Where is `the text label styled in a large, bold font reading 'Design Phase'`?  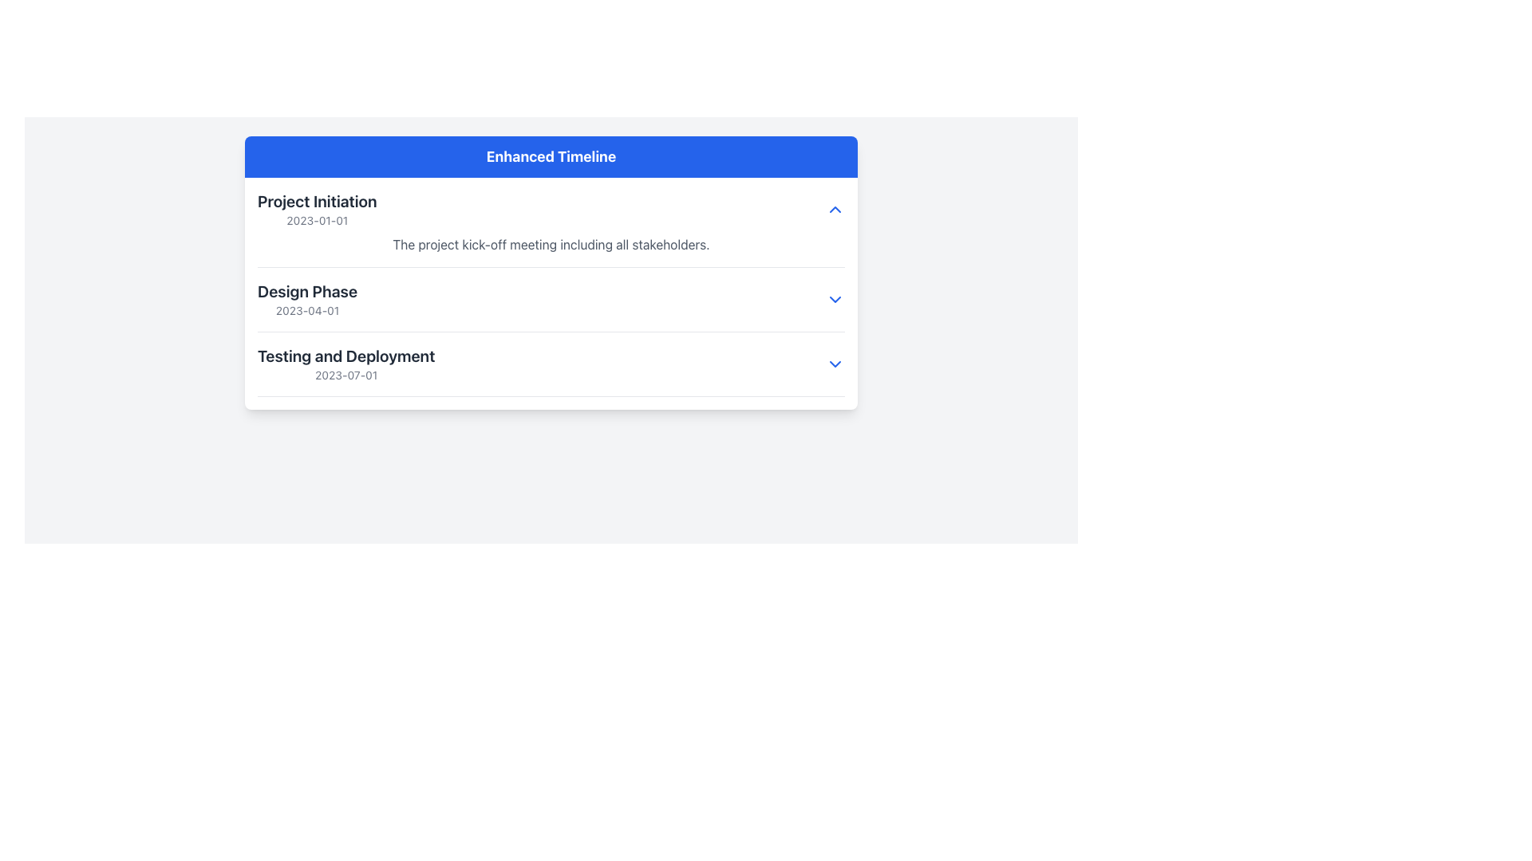
the text label styled in a large, bold font reading 'Design Phase' is located at coordinates (307, 292).